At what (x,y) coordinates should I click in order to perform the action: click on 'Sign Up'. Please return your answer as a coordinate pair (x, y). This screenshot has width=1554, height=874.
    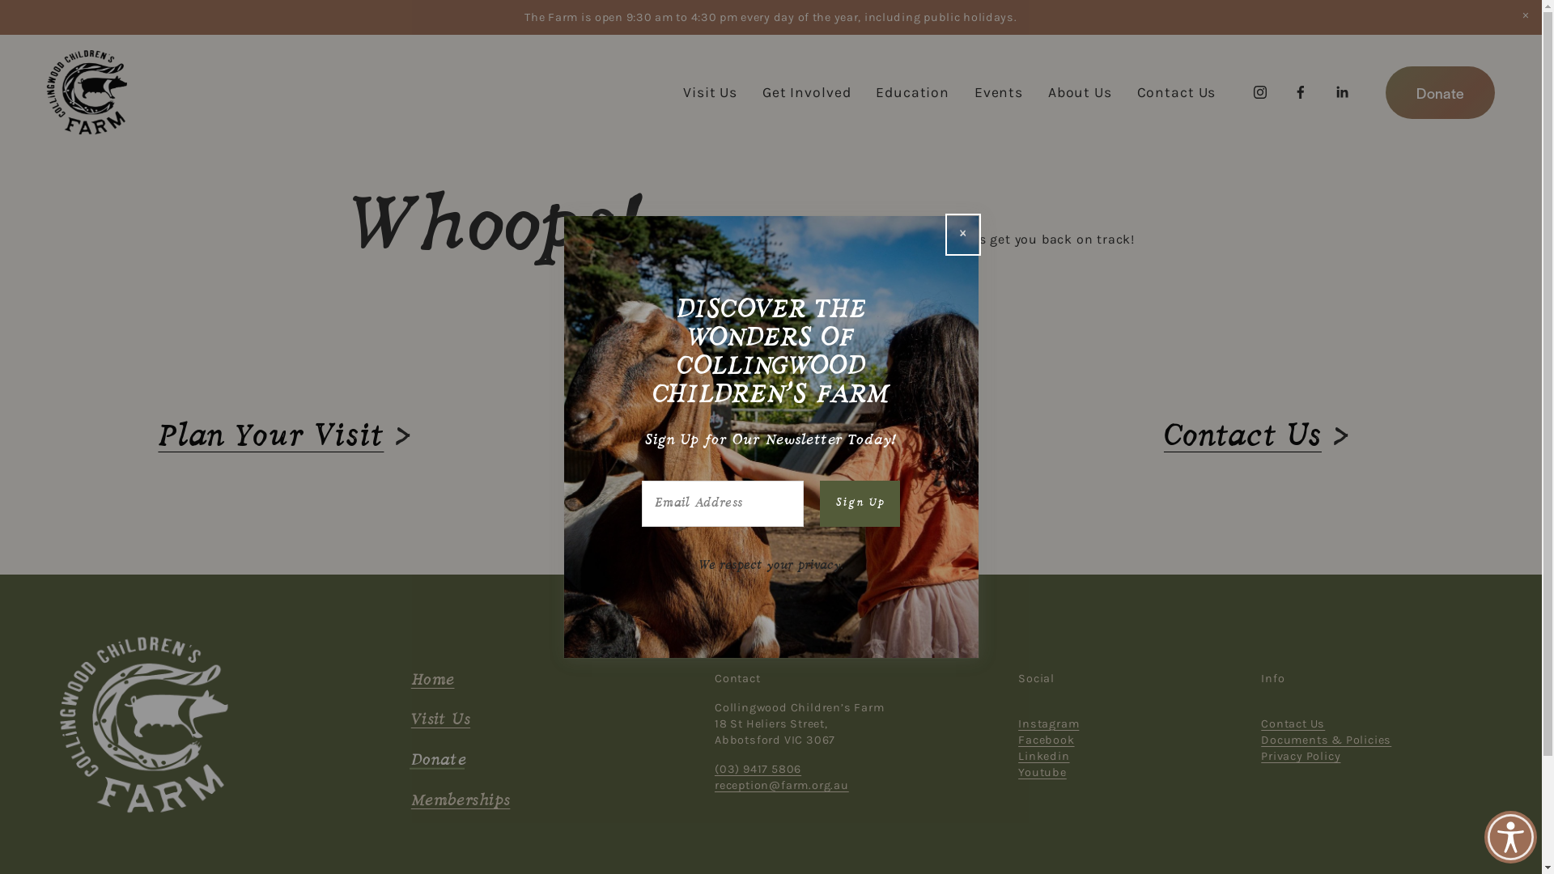
    Looking at the image, I should click on (859, 503).